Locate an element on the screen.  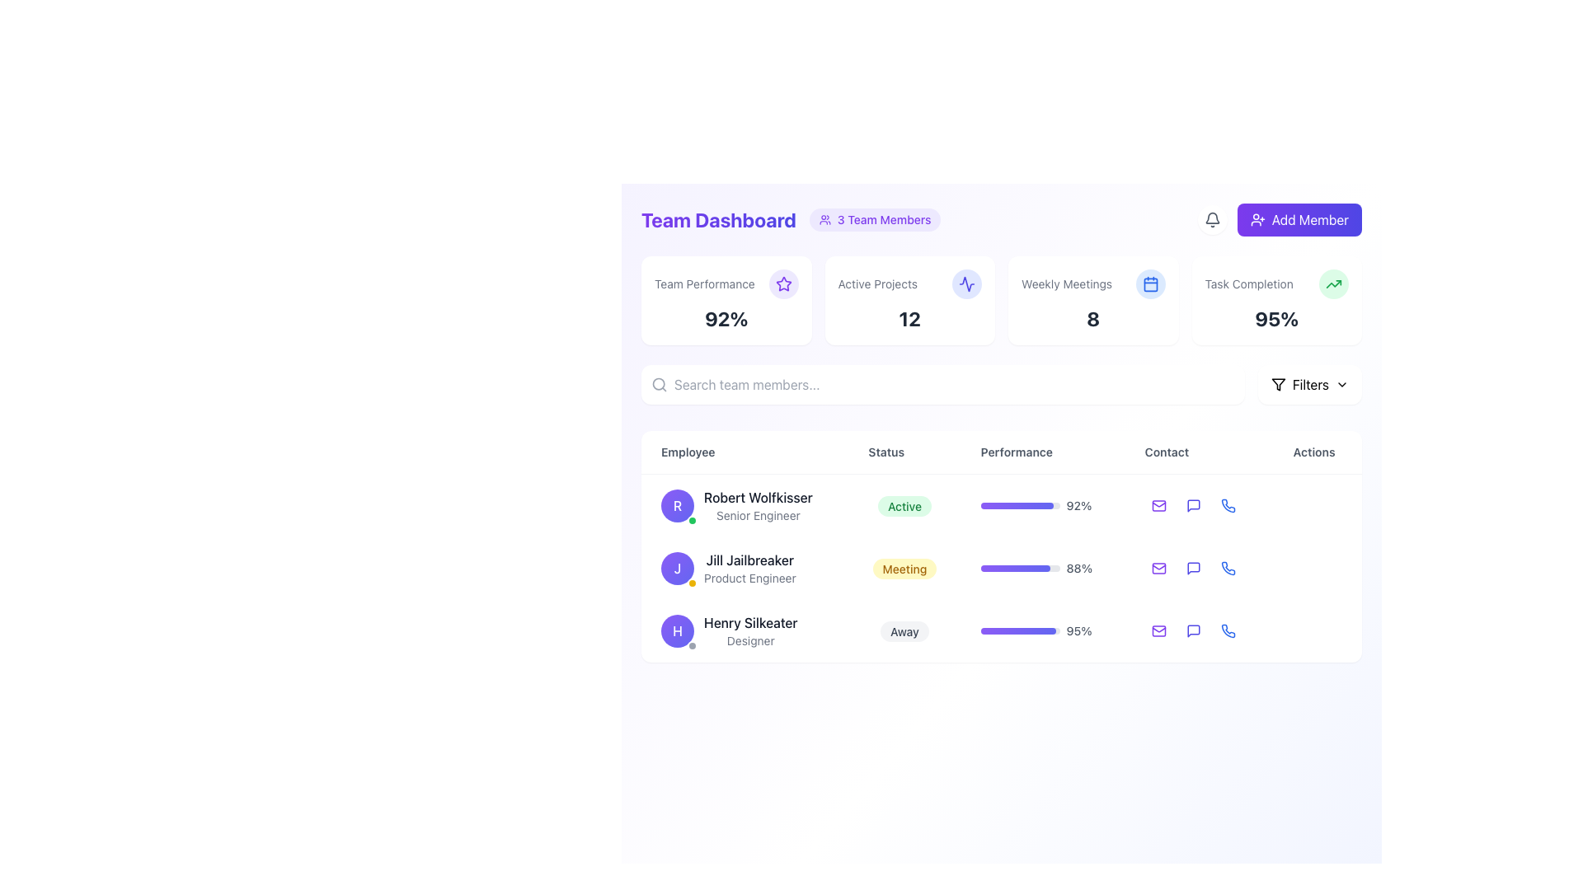
the Header text (Label) that functions as a column label between 'Status' and 'Contact' in the data table is located at coordinates (1000, 452).